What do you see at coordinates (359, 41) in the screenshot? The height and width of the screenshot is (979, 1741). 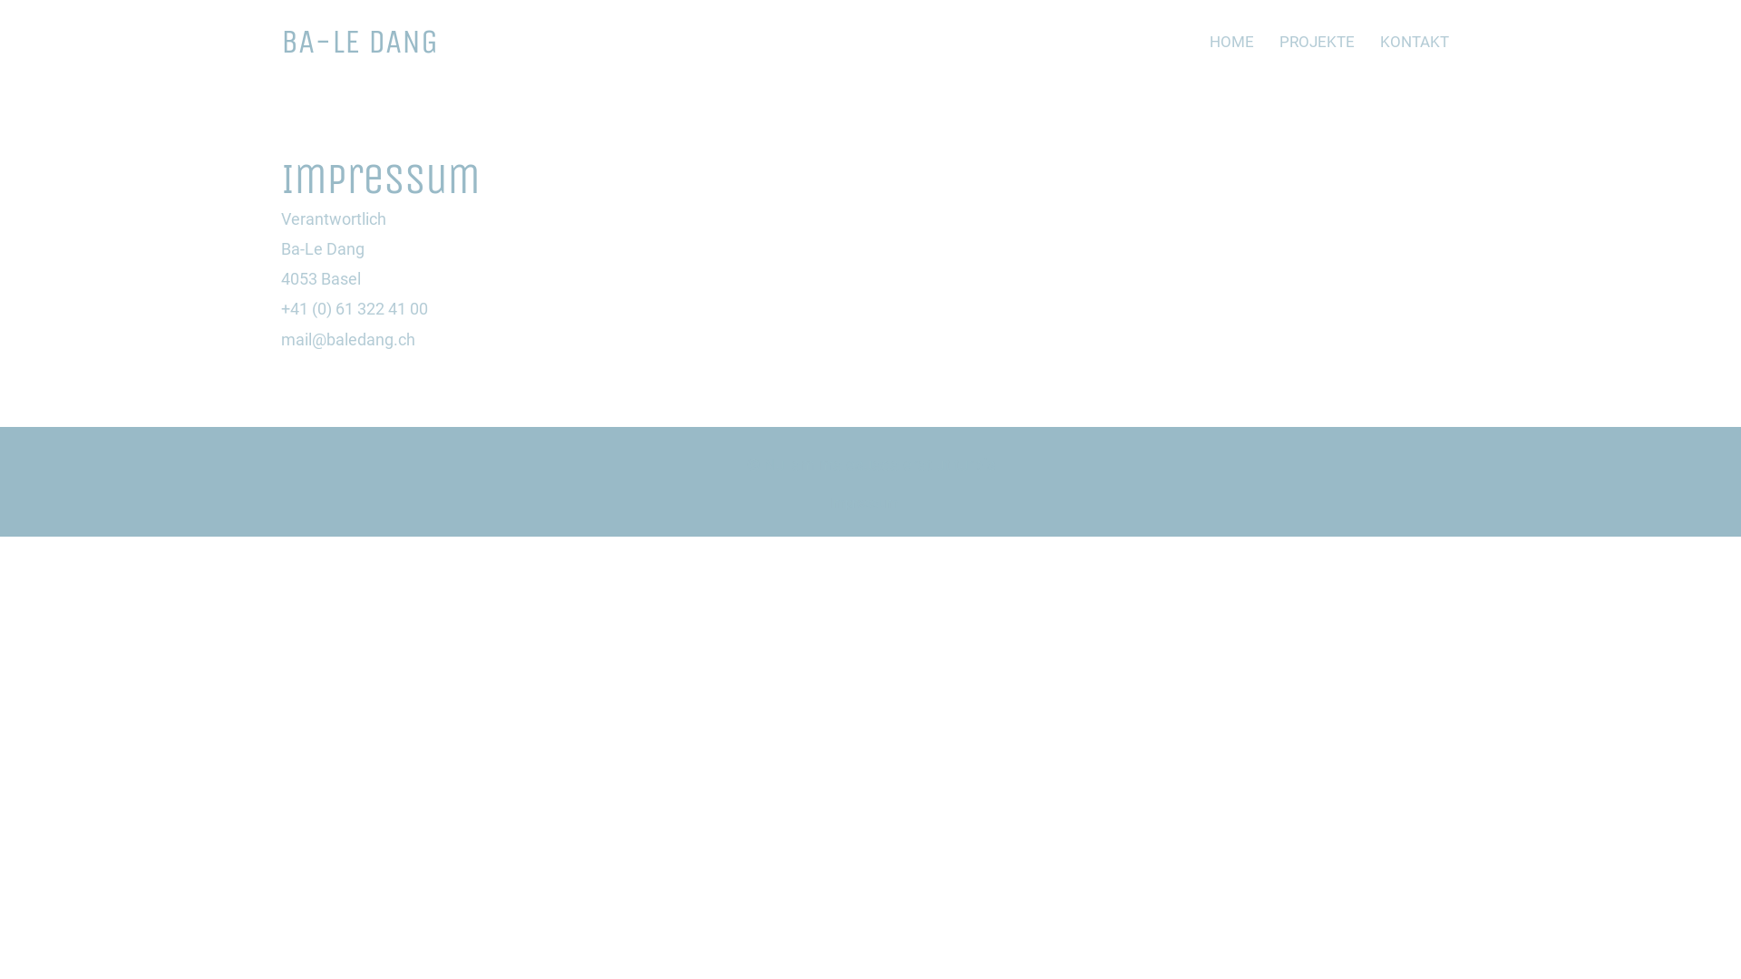 I see `'BA-LE DANG'` at bounding box center [359, 41].